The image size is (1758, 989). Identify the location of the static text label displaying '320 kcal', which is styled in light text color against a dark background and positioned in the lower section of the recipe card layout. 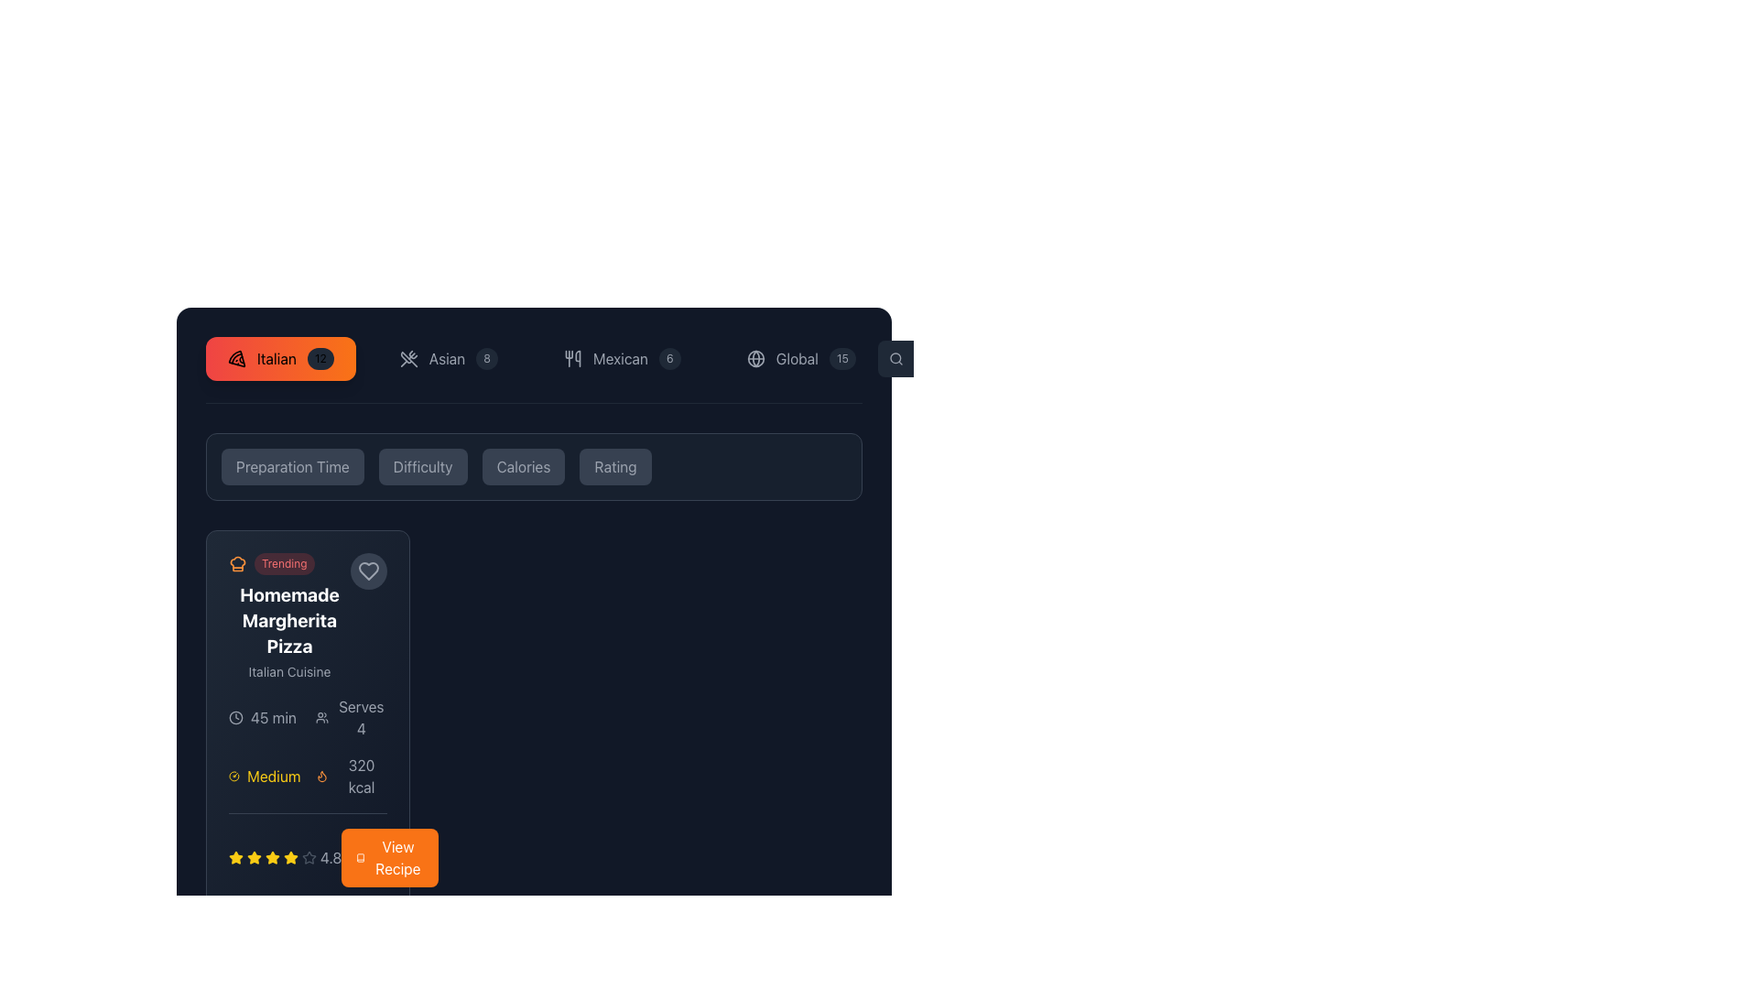
(361, 777).